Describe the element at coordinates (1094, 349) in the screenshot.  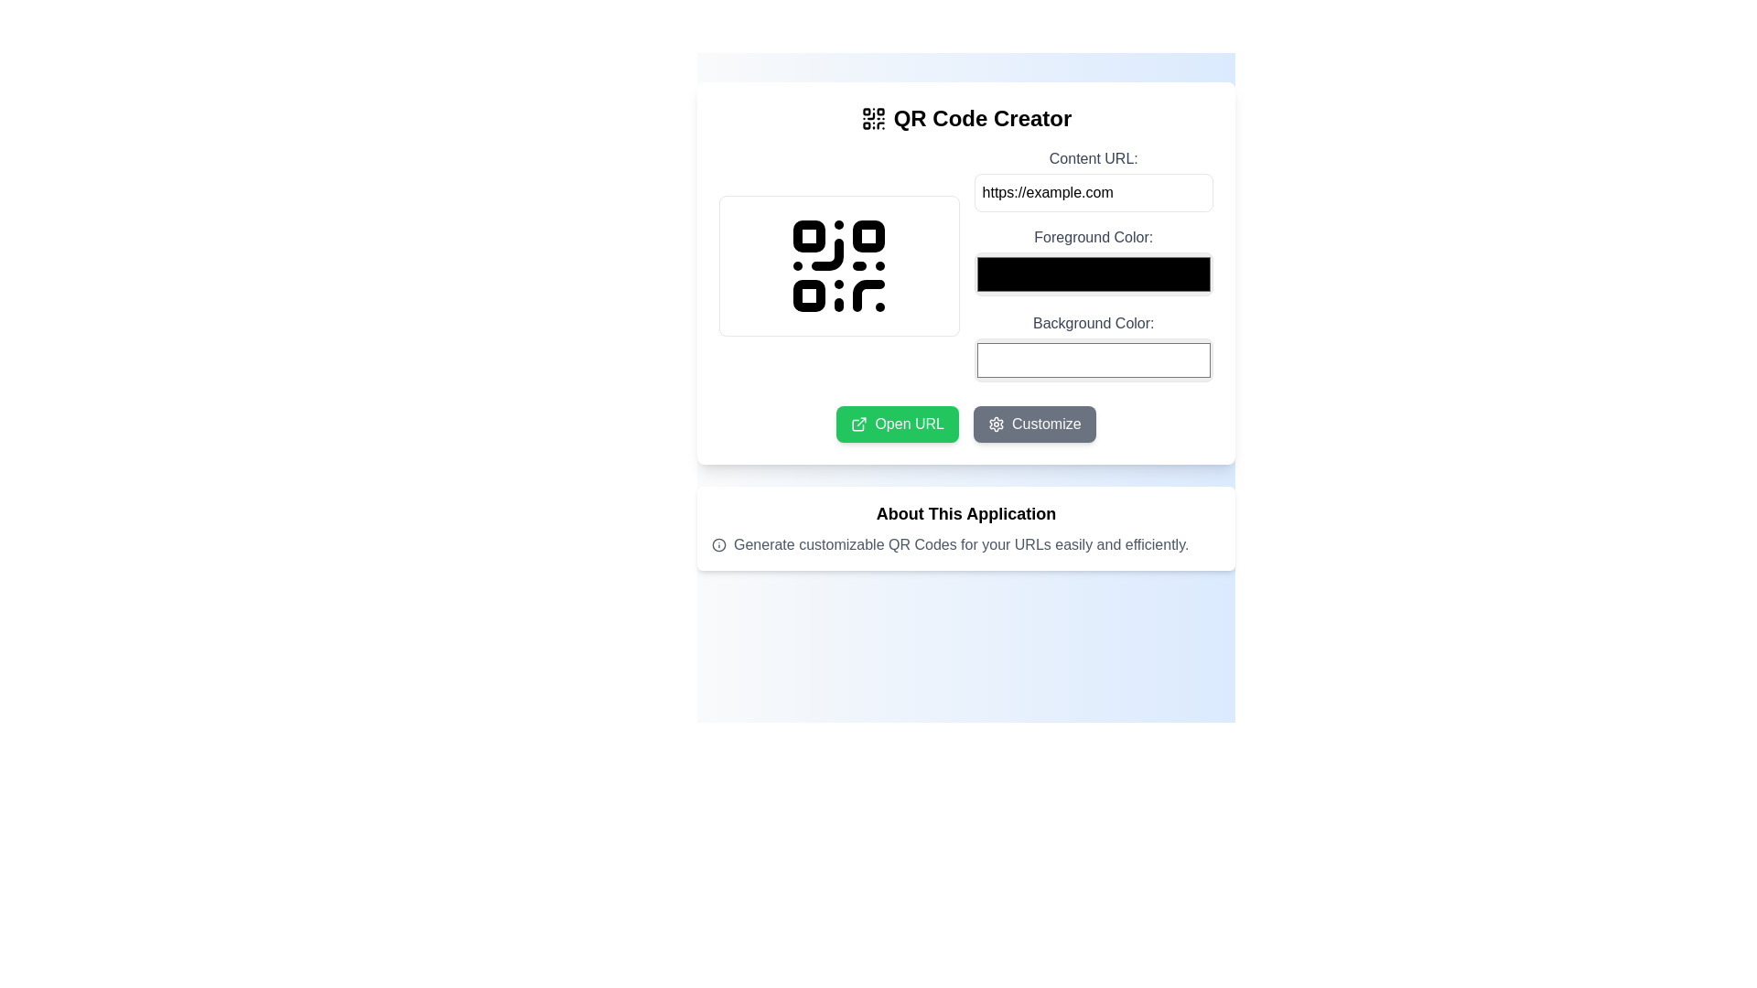
I see `the rectangular color input field labeled 'Background Color:'` at that location.